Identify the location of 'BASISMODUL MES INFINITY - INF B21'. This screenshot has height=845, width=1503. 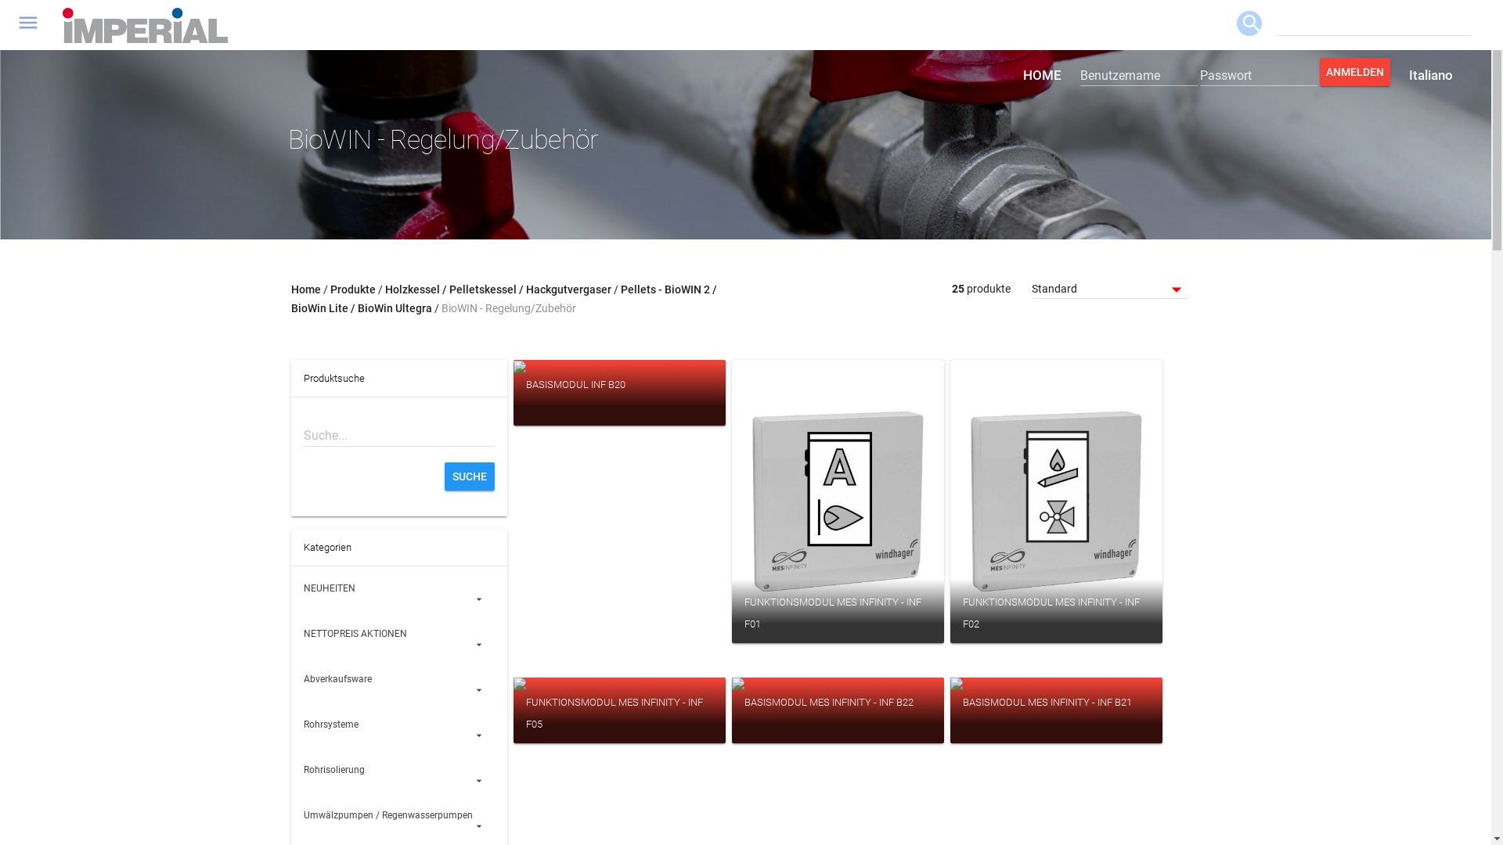
(1056, 711).